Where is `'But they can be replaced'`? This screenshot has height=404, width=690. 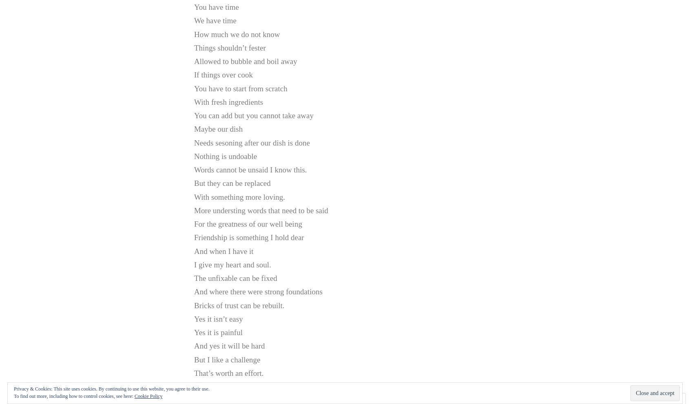
'But they can be replaced' is located at coordinates (232, 183).